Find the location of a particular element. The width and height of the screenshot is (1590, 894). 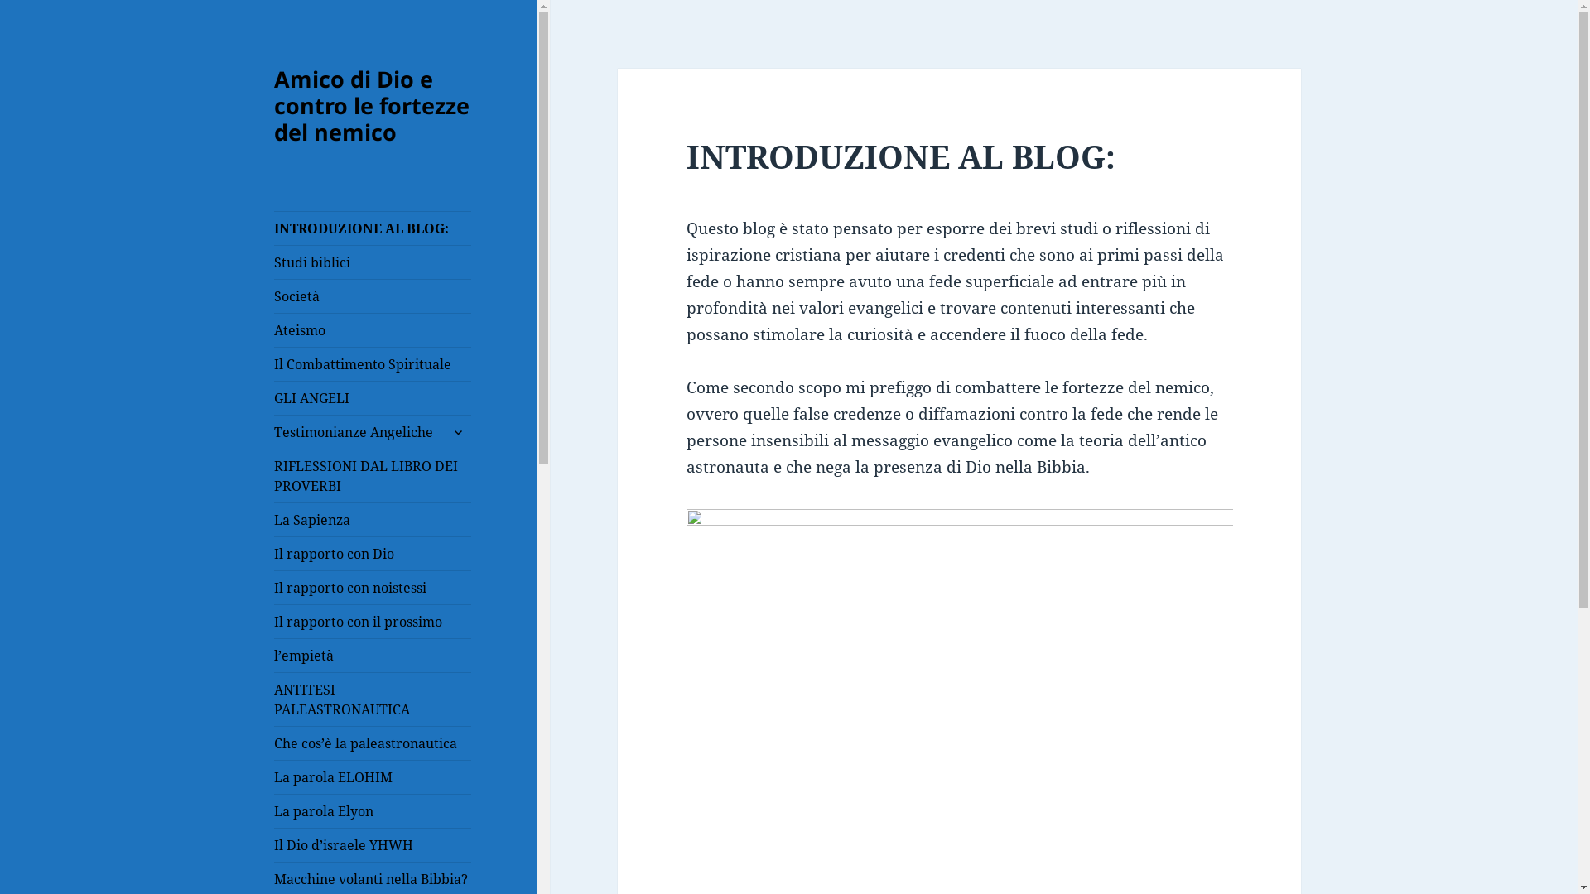

'ANTITESI PALEASTRONAUTICA' is located at coordinates (372, 699).